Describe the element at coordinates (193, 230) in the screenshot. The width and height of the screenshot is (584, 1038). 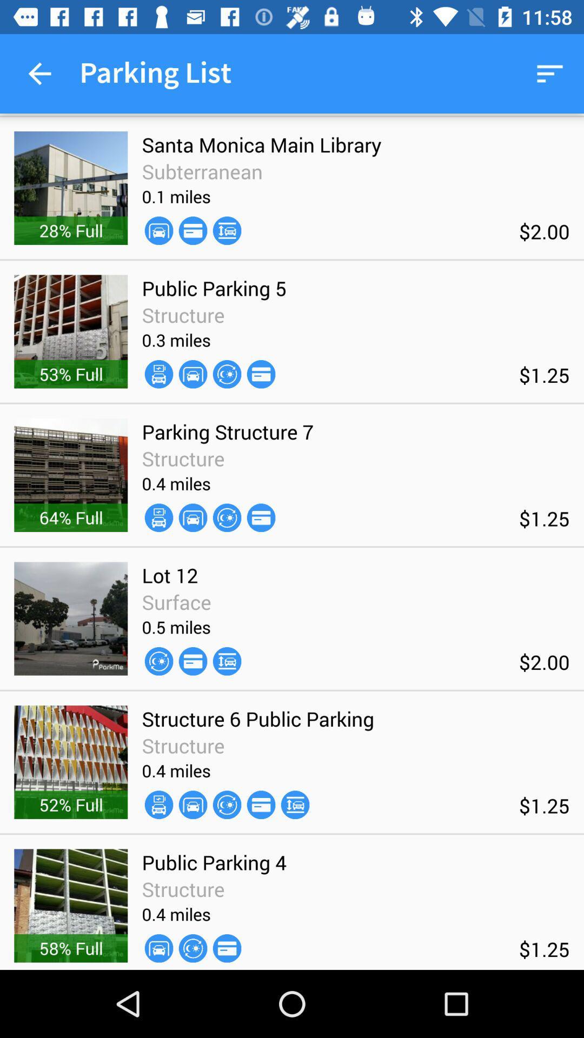
I see `the item above the public parking 5 icon` at that location.